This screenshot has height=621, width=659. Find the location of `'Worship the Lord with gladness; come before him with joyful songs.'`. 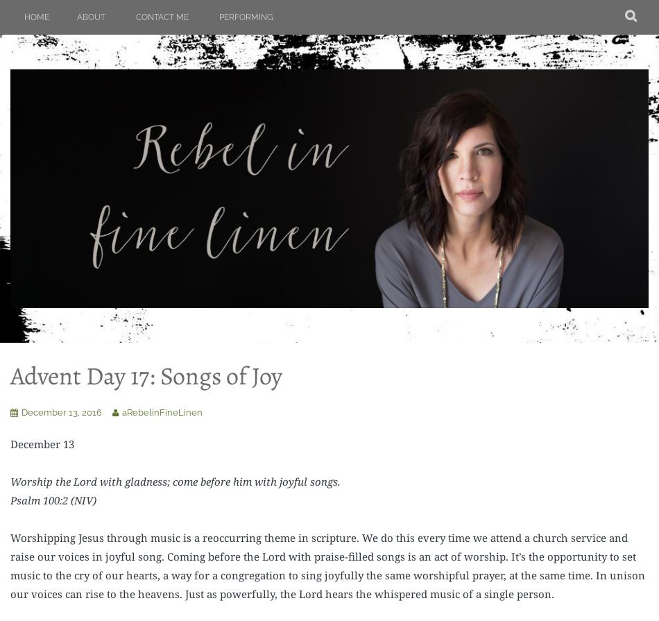

'Worship the Lord with gladness; come before him with joyful songs.' is located at coordinates (174, 479).